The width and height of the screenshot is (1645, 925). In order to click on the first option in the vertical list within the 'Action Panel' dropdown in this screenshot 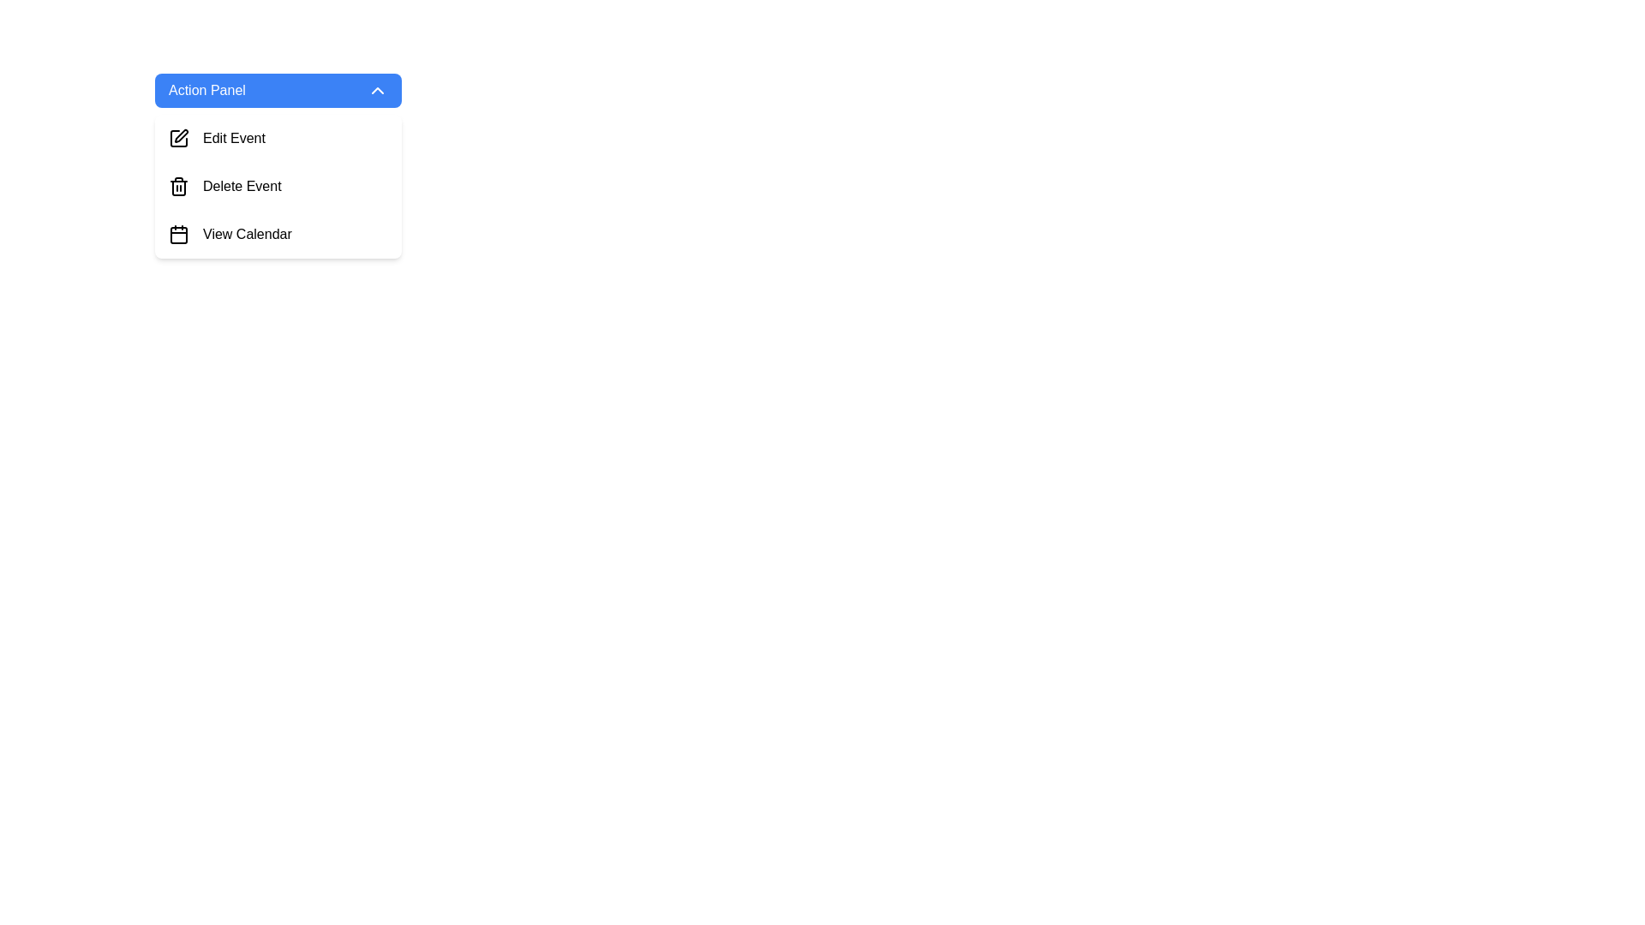, I will do `click(278, 138)`.